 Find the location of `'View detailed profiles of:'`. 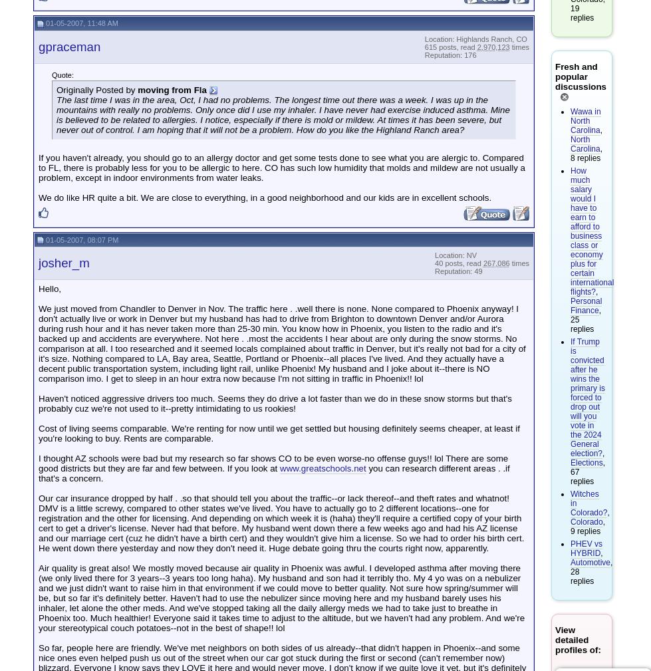

'View detailed profiles of:' is located at coordinates (577, 640).